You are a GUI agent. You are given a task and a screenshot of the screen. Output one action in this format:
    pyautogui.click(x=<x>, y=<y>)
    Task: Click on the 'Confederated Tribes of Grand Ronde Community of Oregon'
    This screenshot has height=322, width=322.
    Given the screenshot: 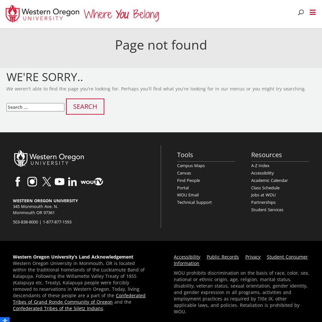 What is the action you would take?
    pyautogui.click(x=79, y=298)
    